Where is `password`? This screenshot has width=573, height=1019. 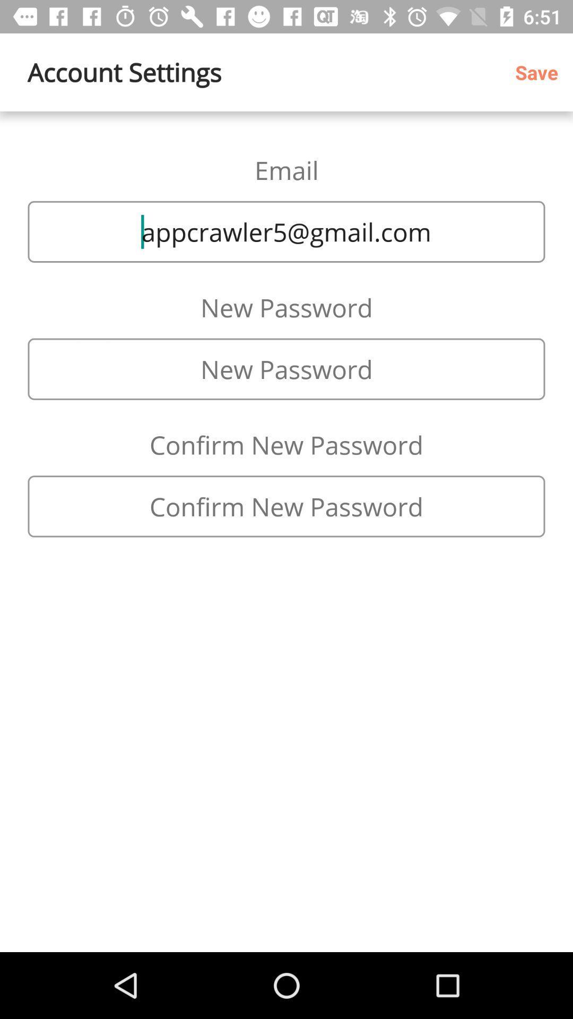 password is located at coordinates (286, 369).